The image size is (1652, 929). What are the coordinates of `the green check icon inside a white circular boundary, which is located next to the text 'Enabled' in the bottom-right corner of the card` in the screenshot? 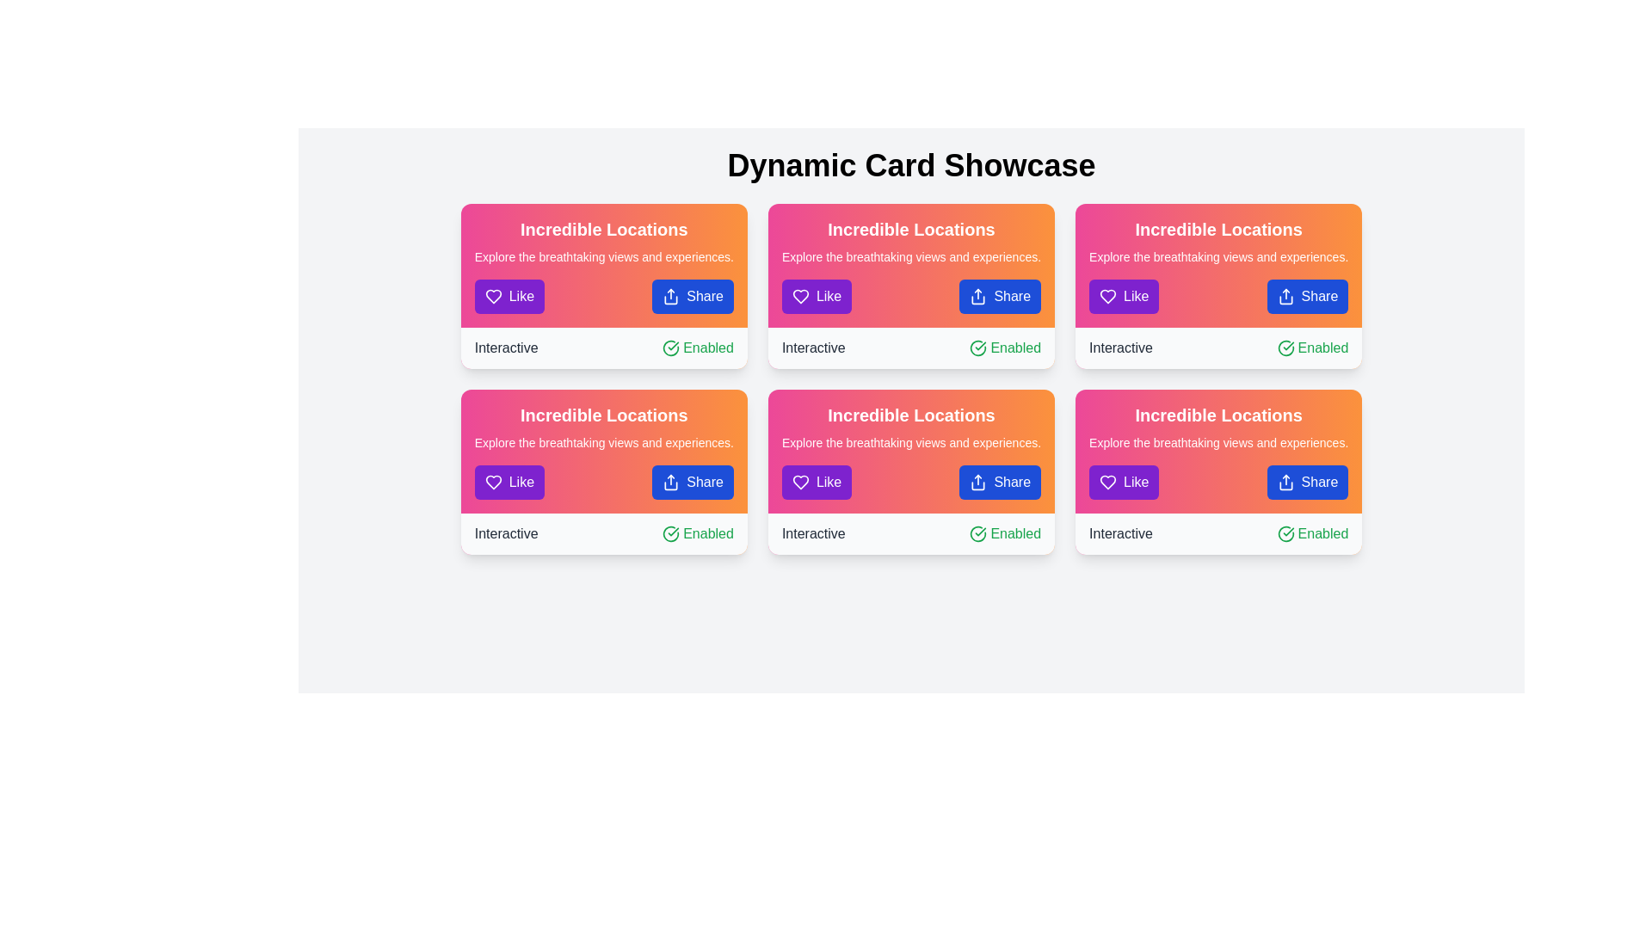 It's located at (1285, 348).